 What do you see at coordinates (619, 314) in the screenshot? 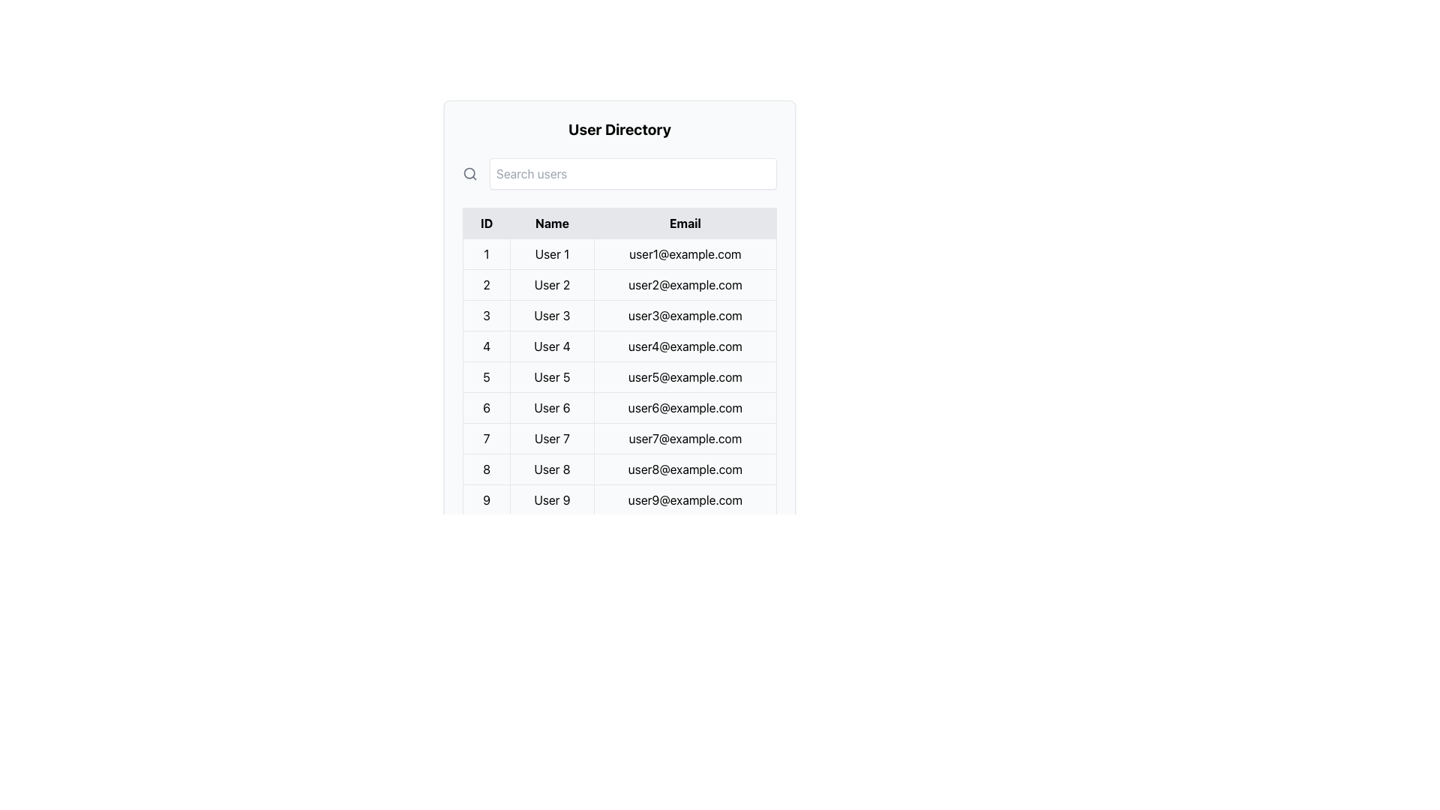
I see `the third row in the 'User Directory' data table` at bounding box center [619, 314].